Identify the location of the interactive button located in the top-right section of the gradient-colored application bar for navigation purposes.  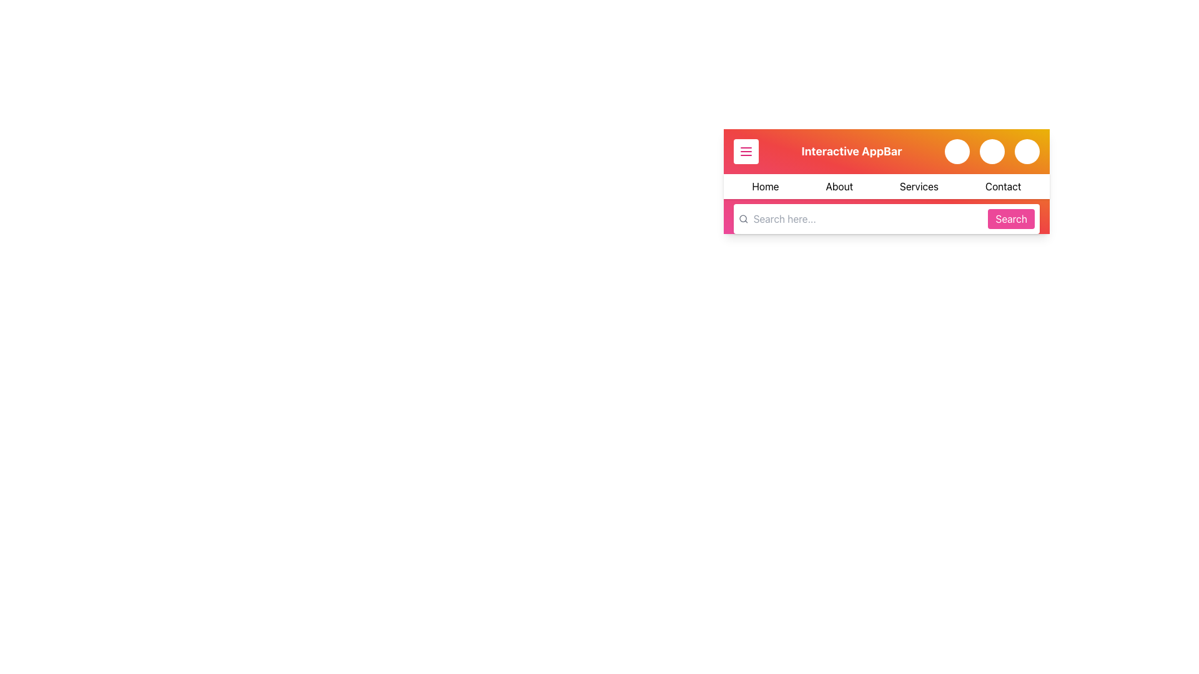
(991, 151).